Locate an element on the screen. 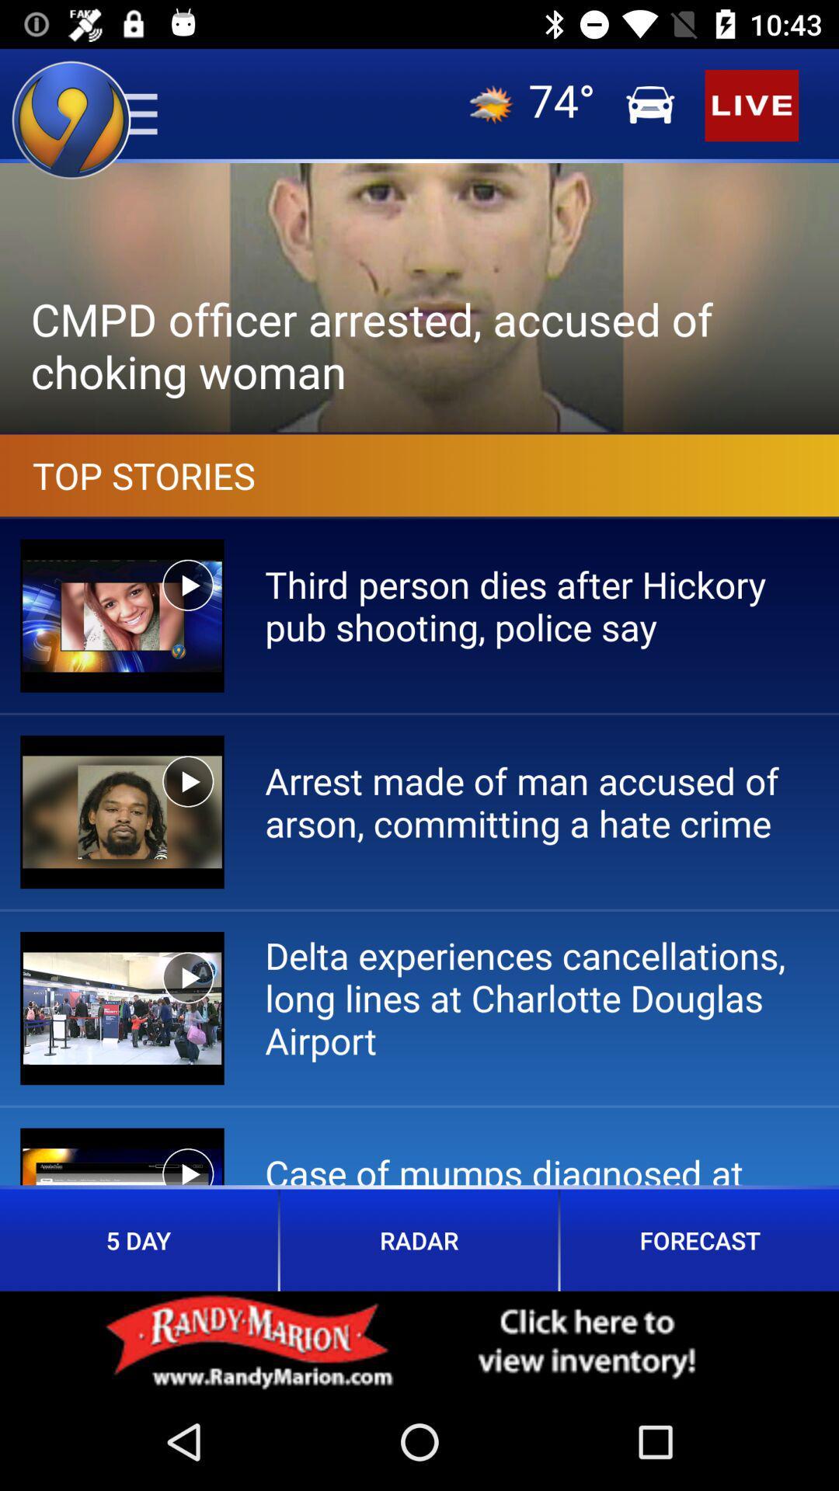  the location icon is located at coordinates (71, 120).